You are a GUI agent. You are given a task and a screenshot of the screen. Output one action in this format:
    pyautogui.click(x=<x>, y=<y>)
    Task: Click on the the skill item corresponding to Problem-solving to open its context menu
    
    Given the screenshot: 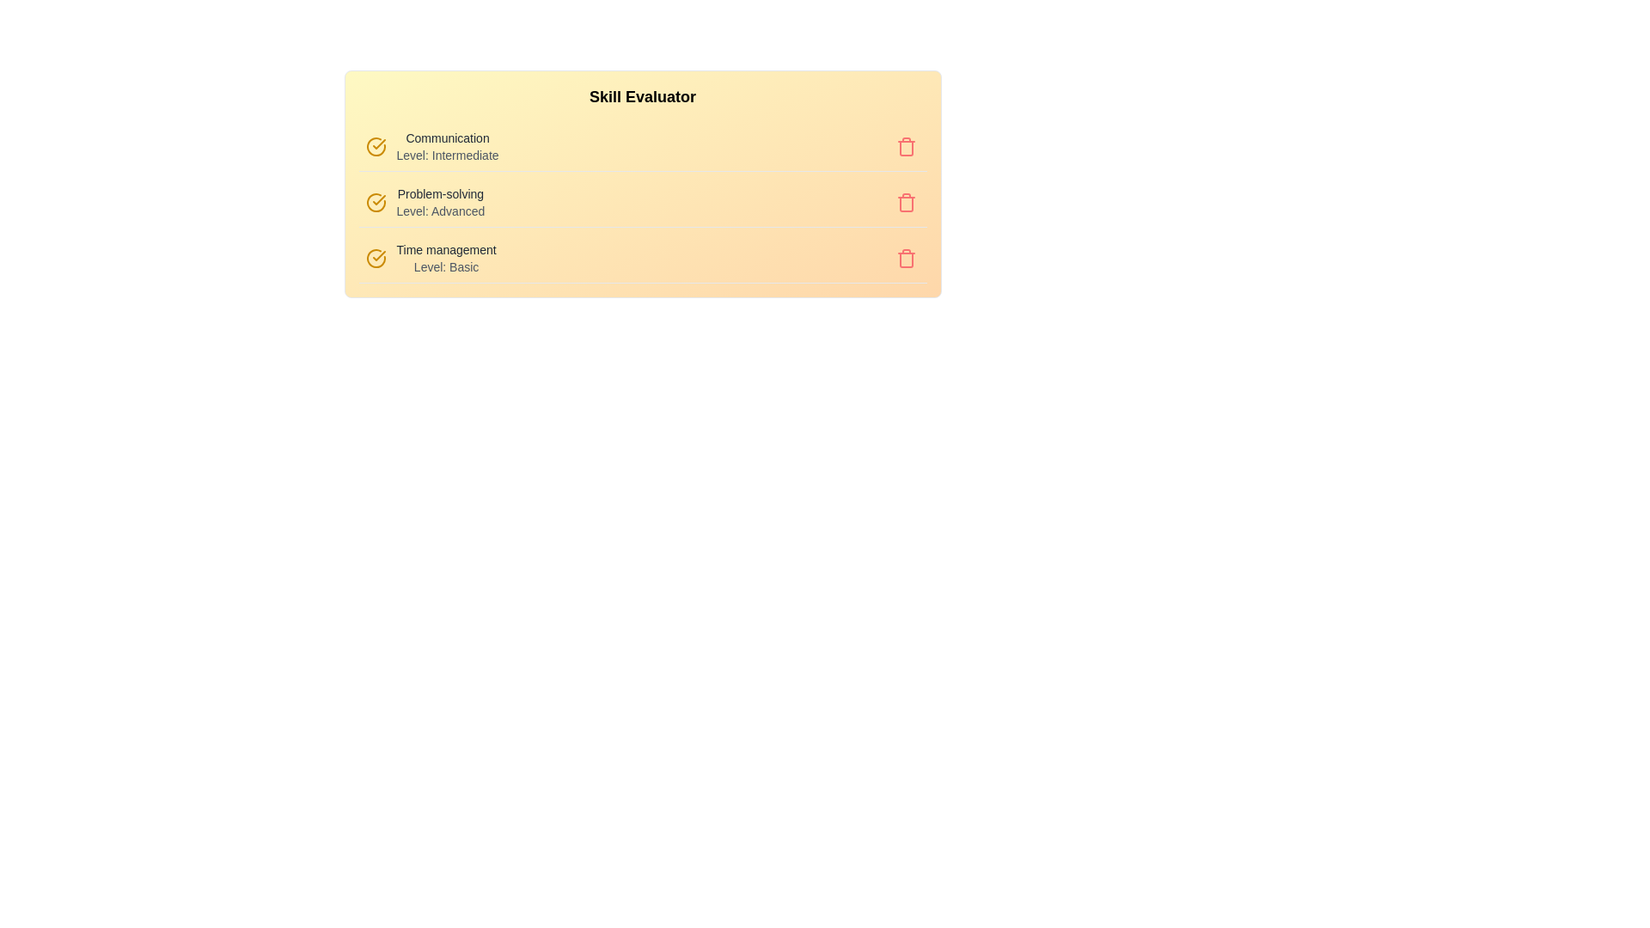 What is the action you would take?
    pyautogui.click(x=642, y=202)
    